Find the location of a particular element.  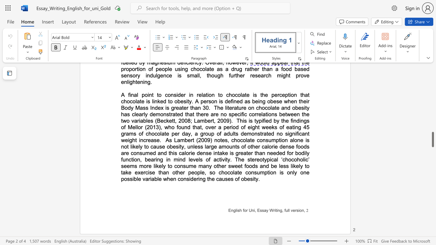

the vertical scrollbar to raise the page content is located at coordinates (432, 105).